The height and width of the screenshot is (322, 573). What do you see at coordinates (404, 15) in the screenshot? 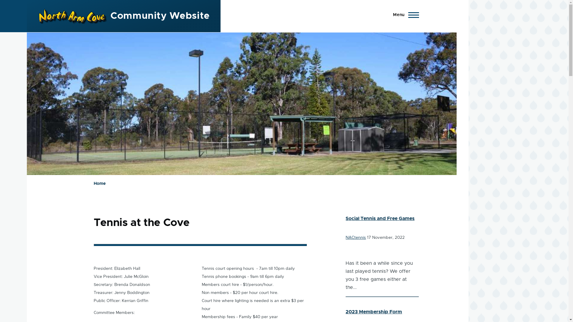
I see `'Menu'` at bounding box center [404, 15].